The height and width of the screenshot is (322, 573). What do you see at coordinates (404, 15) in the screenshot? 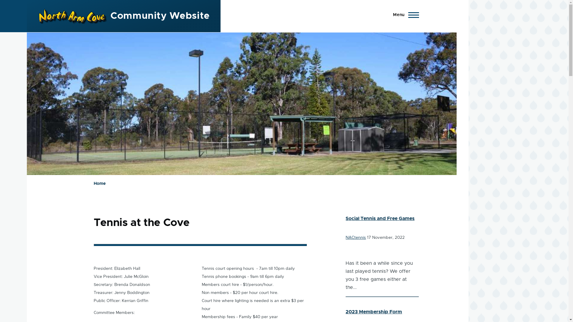
I see `'Menu'` at bounding box center [404, 15].